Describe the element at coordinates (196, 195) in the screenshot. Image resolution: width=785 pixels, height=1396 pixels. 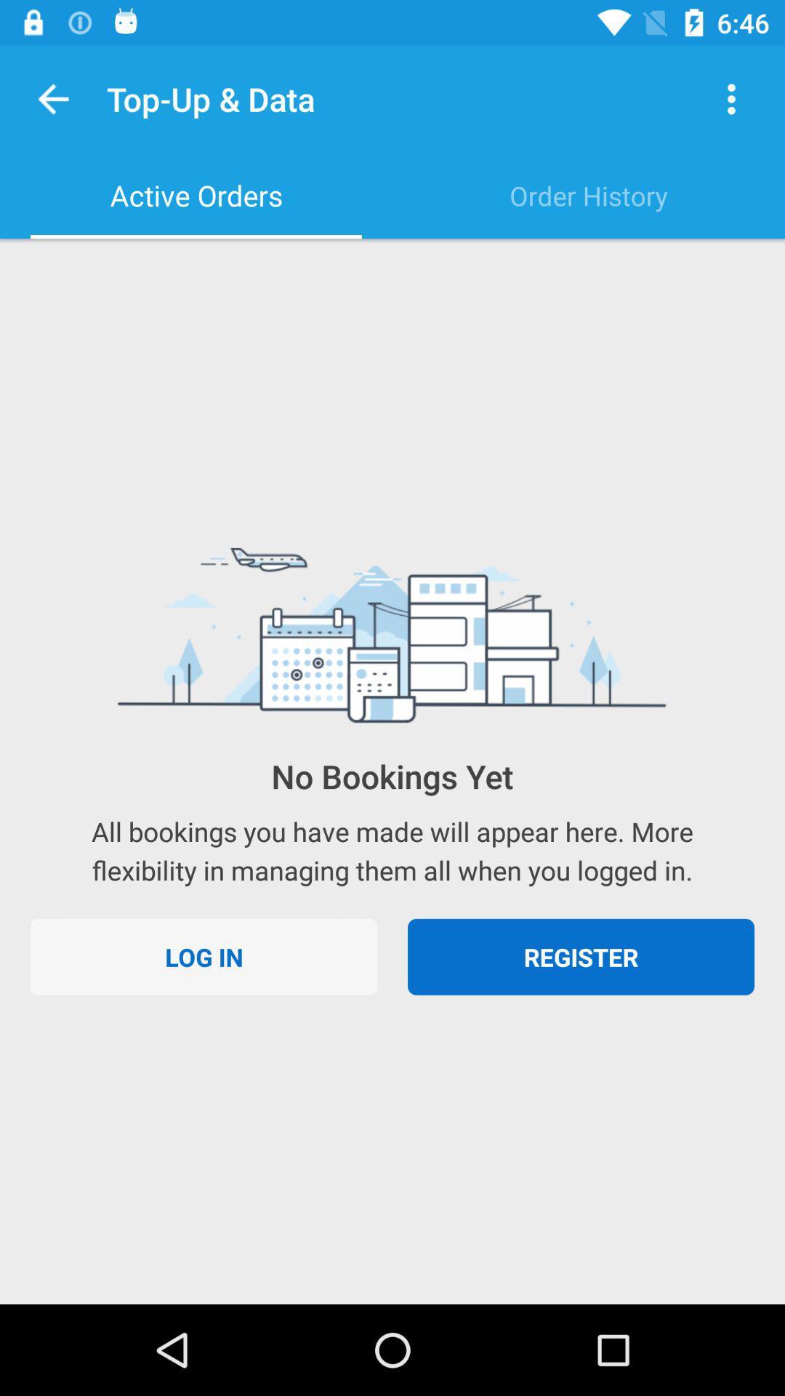
I see `the icon next to order history` at that location.